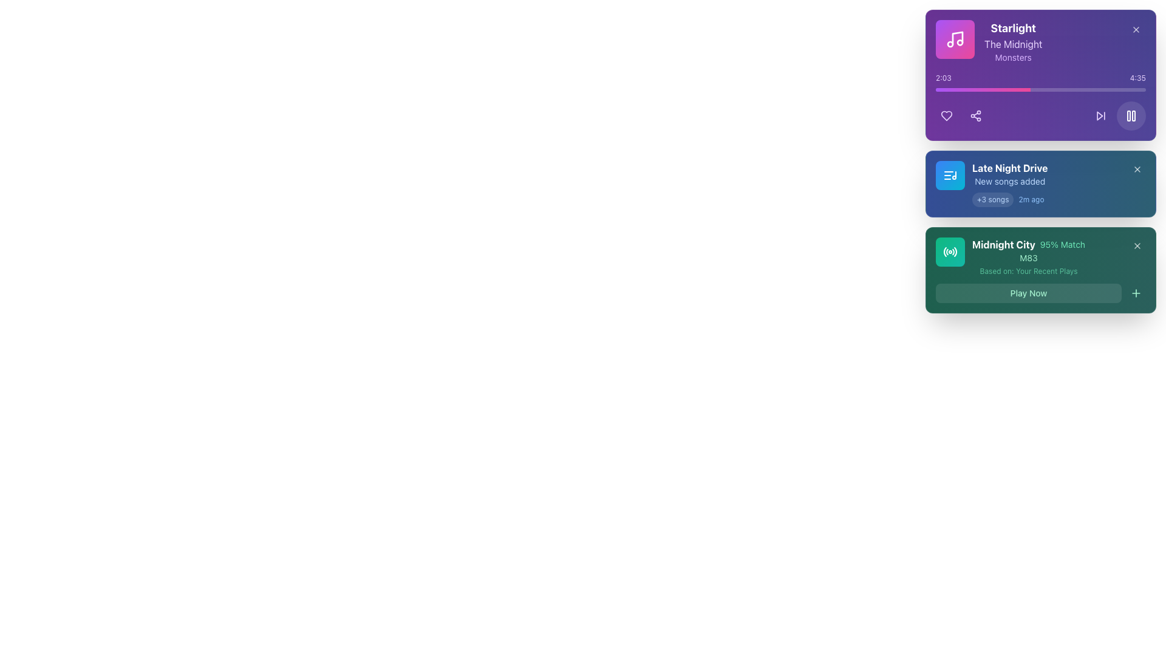 Image resolution: width=1166 pixels, height=656 pixels. Describe the element at coordinates (1100, 116) in the screenshot. I see `the triangular play icon filled with purple located in the uppermost 'Starlight' card on the left side of the SVG group` at that location.